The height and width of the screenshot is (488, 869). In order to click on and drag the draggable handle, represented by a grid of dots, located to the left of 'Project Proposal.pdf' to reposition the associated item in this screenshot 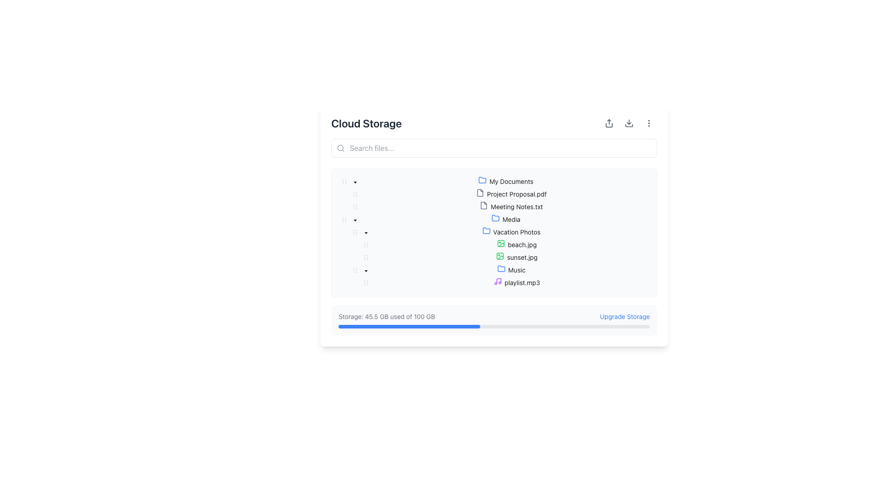, I will do `click(355, 193)`.